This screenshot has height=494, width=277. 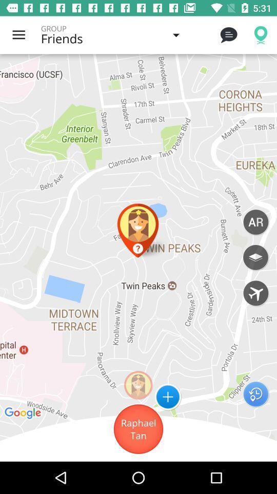 I want to click on ar, so click(x=255, y=222).